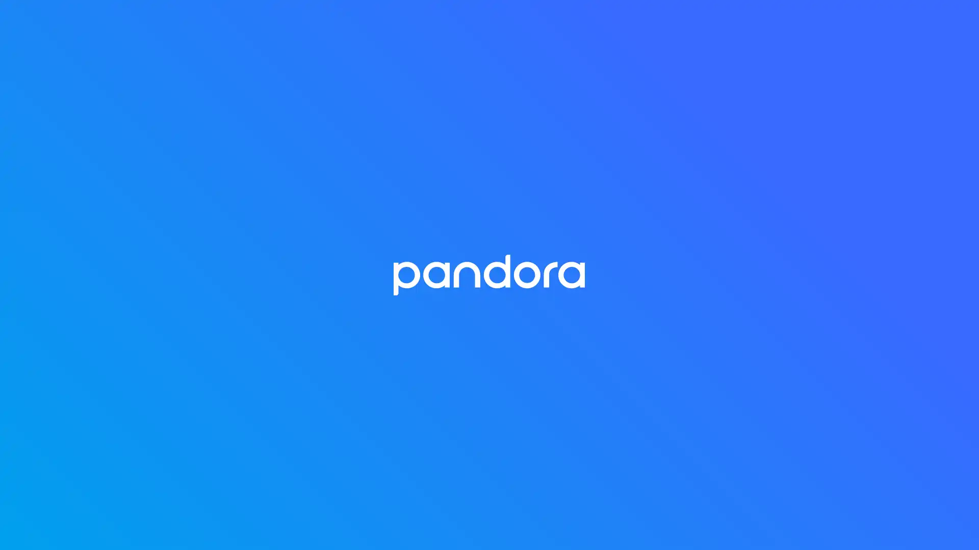  Describe the element at coordinates (844, 542) in the screenshot. I see `30:42` at that location.